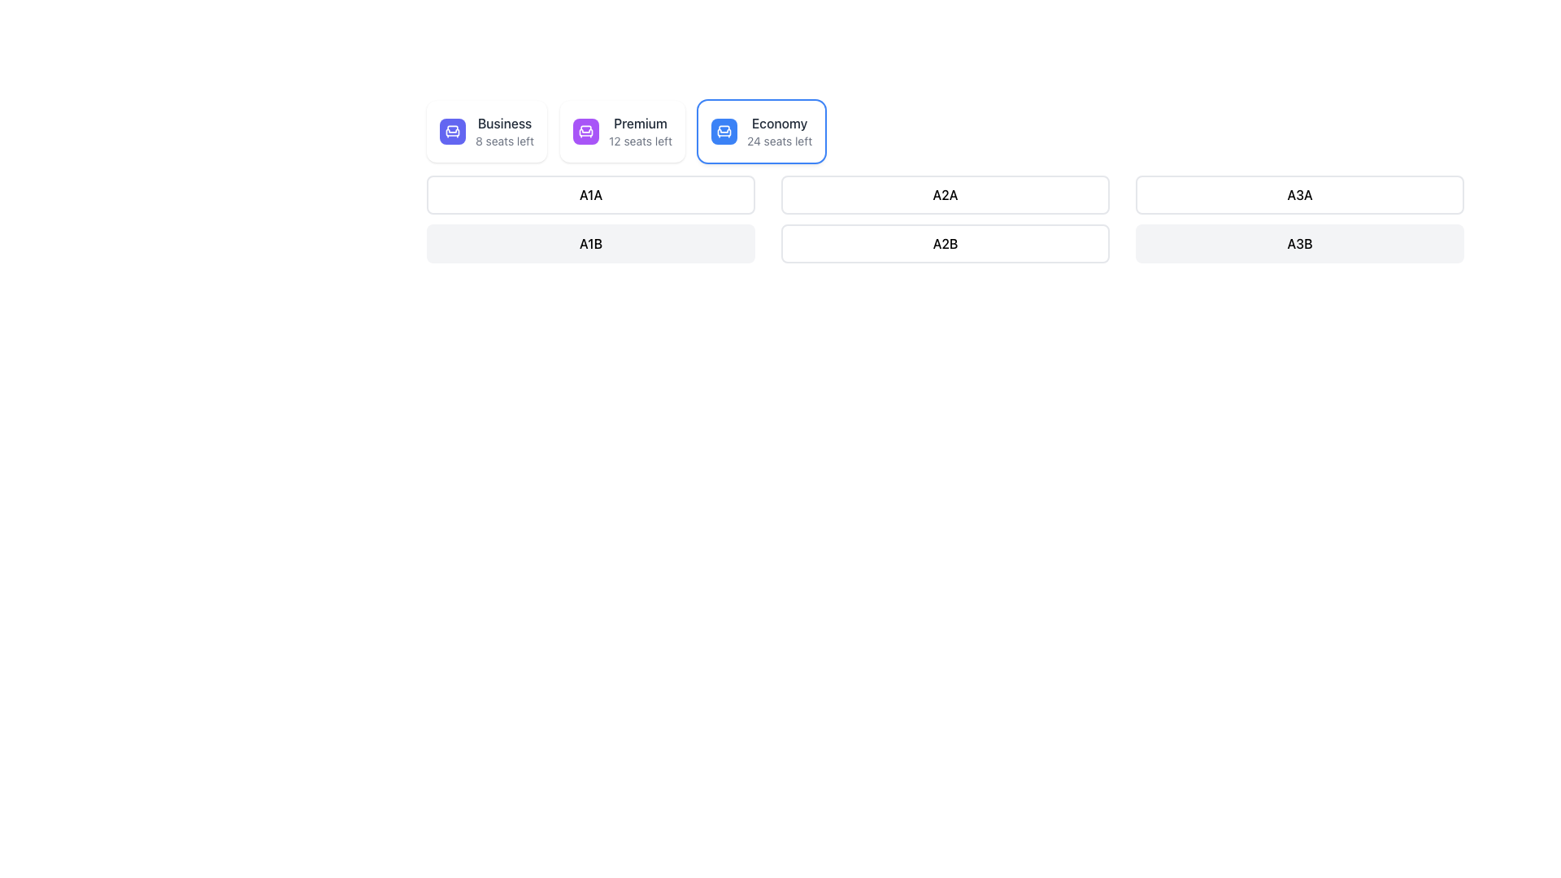 This screenshot has height=878, width=1561. I want to click on the static text label displaying '8 seats left', which is located directly beneath the 'Business' label in the first column of the interface, so click(503, 140).